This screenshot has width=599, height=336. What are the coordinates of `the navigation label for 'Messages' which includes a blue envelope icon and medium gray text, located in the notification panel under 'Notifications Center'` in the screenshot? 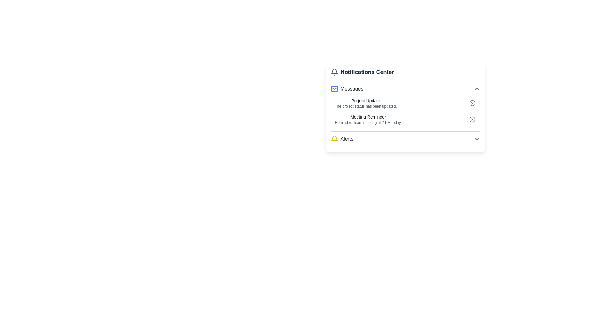 It's located at (346, 89).